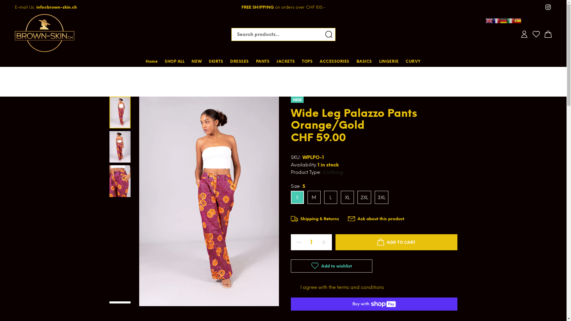 The height and width of the screenshot is (321, 571). What do you see at coordinates (330, 197) in the screenshot?
I see `'L'` at bounding box center [330, 197].